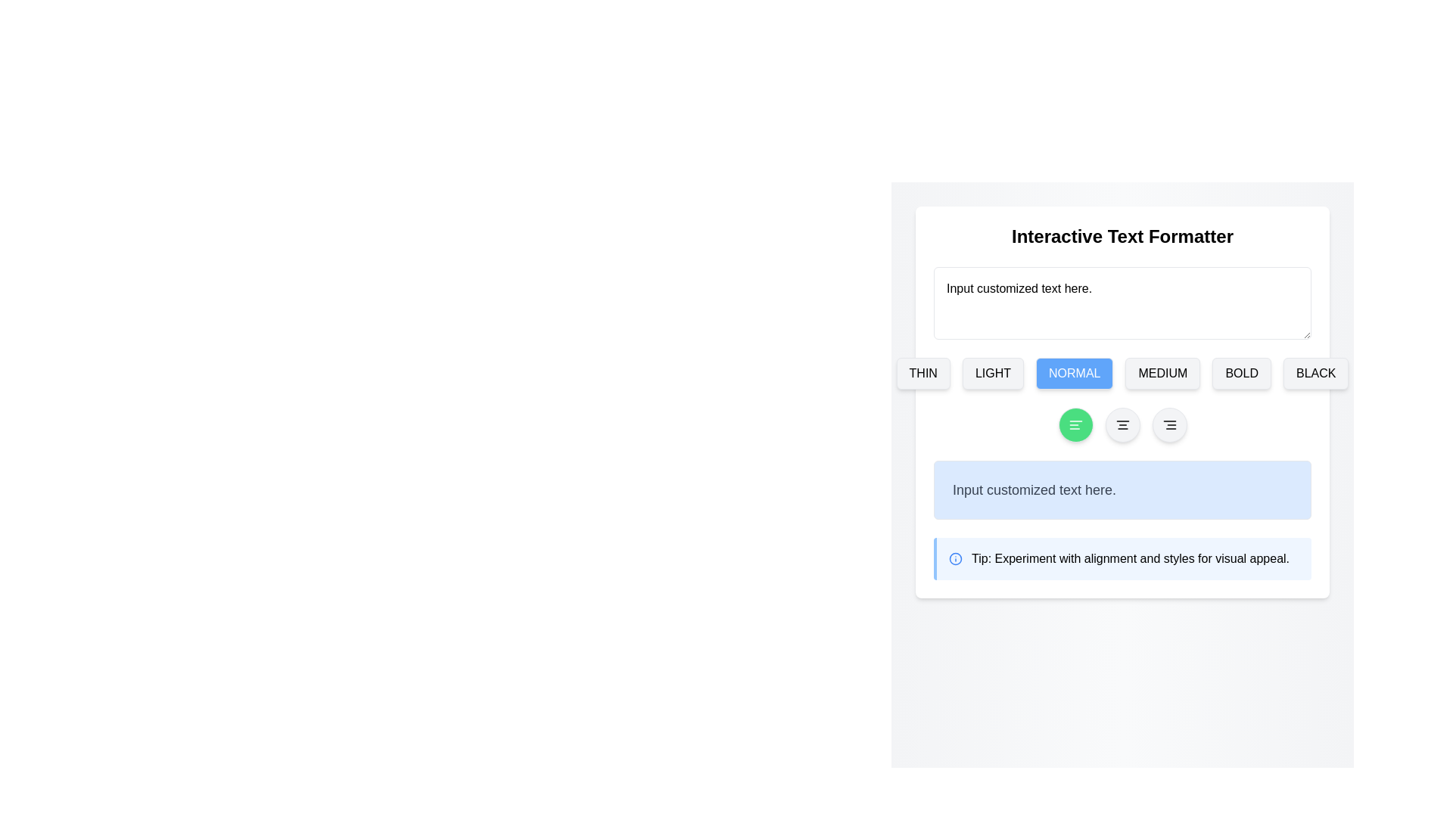 This screenshot has width=1453, height=817. Describe the element at coordinates (1315, 373) in the screenshot. I see `the 'BLACK' style selector button, which is the last button in a set of six horizontally aligned buttons located below the text area` at that location.